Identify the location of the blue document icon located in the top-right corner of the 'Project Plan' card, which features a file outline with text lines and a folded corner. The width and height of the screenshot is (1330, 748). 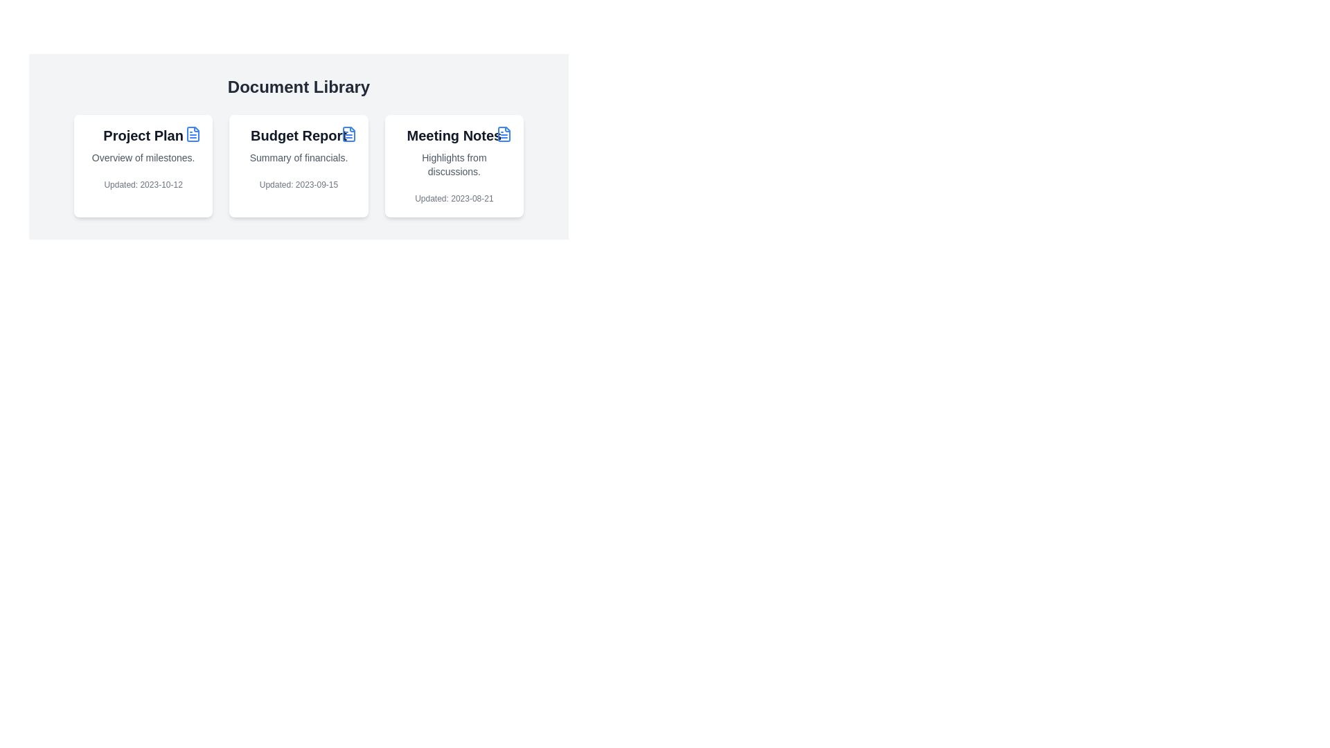
(193, 134).